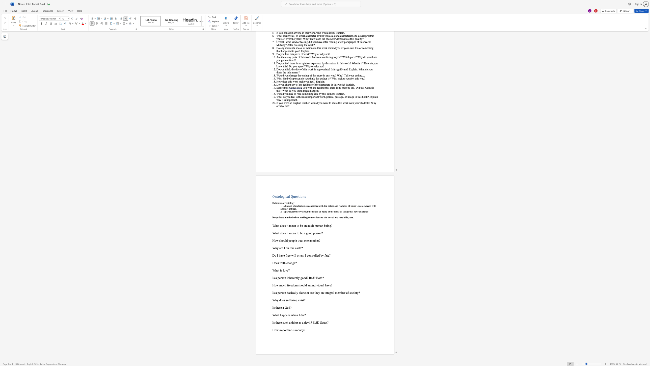 The width and height of the screenshot is (650, 366). I want to click on the subset text "ns" within the text "branch of metaphysics concerned with the nature and relations", so click(345, 206).